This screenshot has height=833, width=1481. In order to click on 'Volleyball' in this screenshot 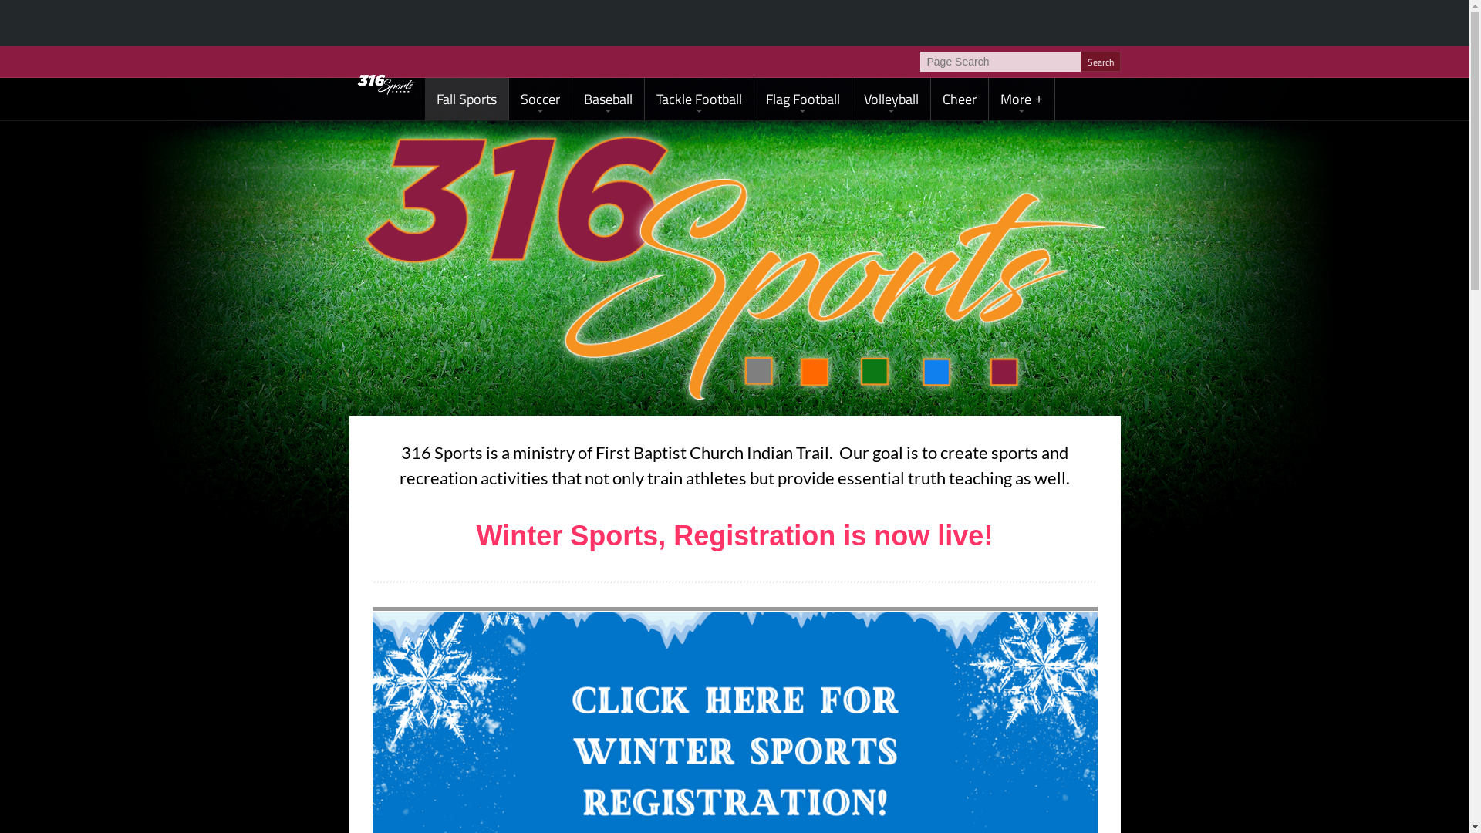, I will do `click(890, 99)`.